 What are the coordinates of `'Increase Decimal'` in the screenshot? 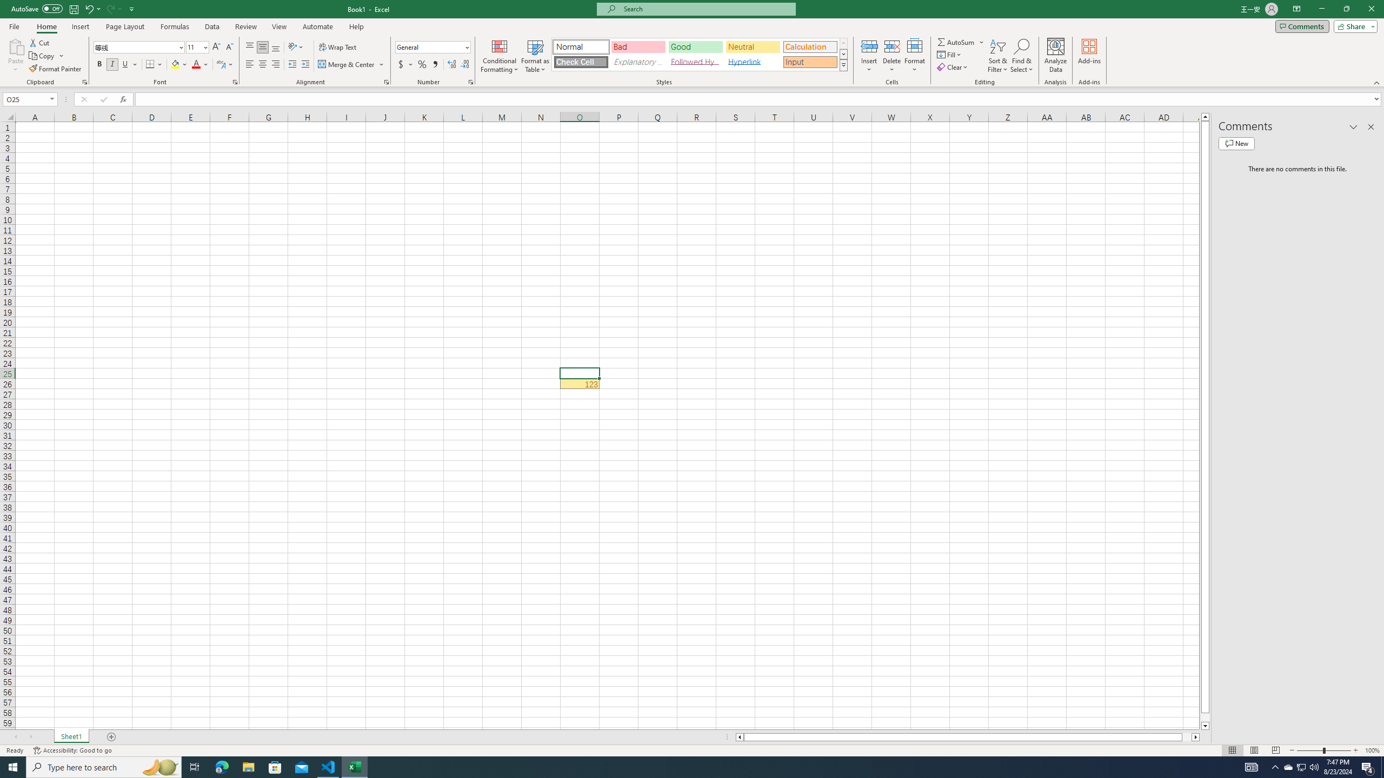 It's located at (451, 64).